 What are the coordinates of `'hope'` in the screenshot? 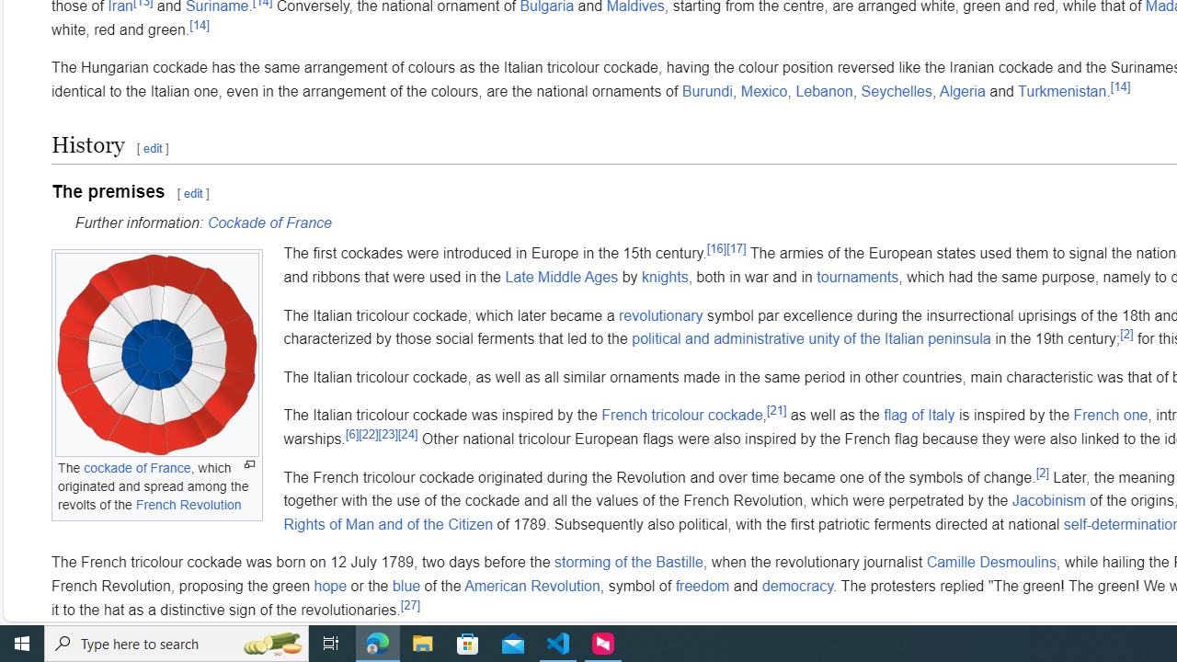 It's located at (330, 585).